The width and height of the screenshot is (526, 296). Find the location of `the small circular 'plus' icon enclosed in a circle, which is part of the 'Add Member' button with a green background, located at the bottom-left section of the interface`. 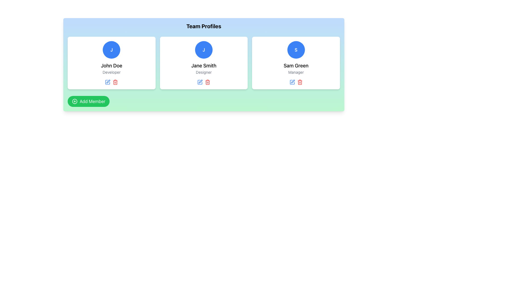

the small circular 'plus' icon enclosed in a circle, which is part of the 'Add Member' button with a green background, located at the bottom-left section of the interface is located at coordinates (75, 101).